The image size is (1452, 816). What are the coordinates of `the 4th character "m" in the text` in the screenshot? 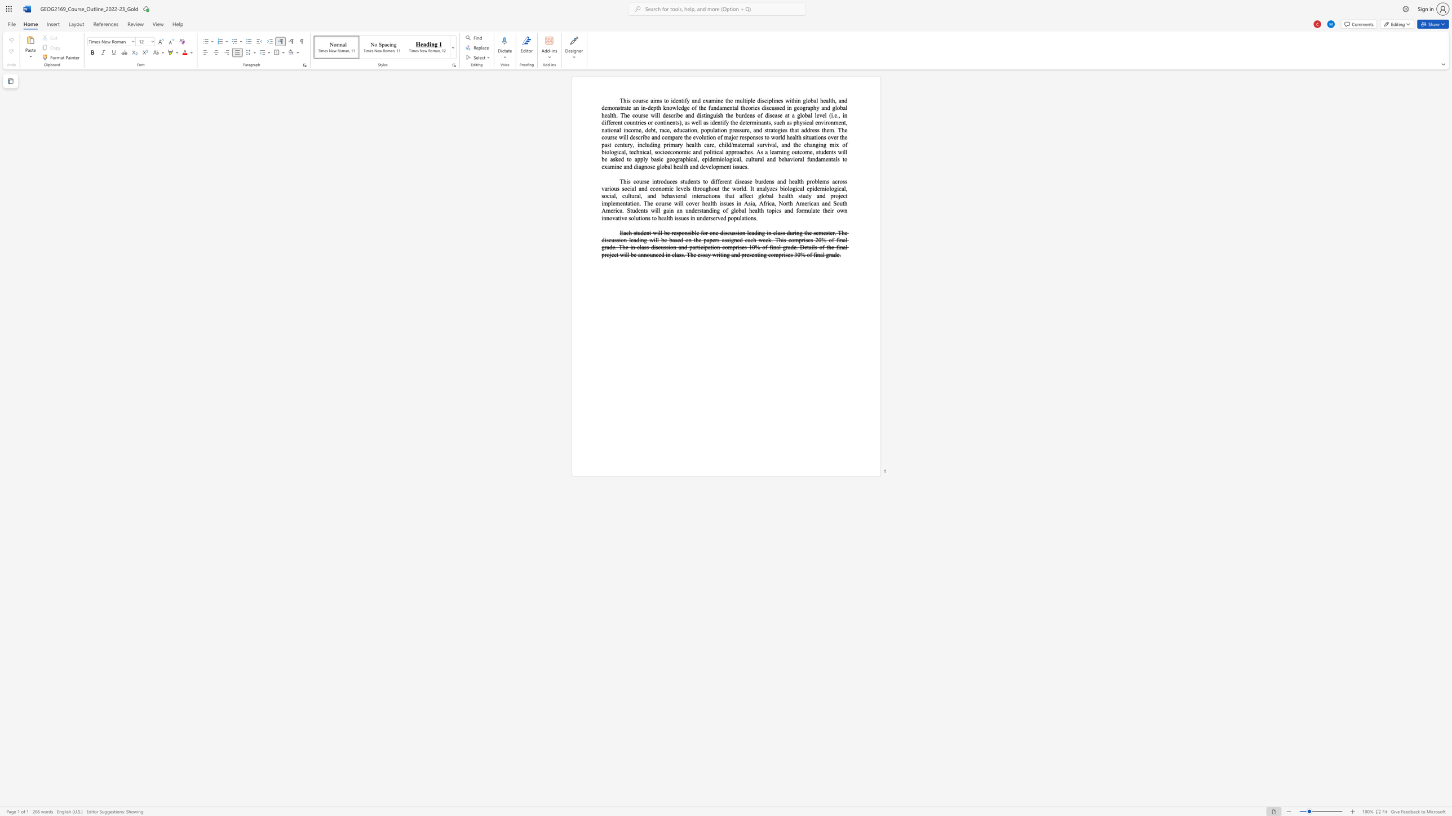 It's located at (735, 144).